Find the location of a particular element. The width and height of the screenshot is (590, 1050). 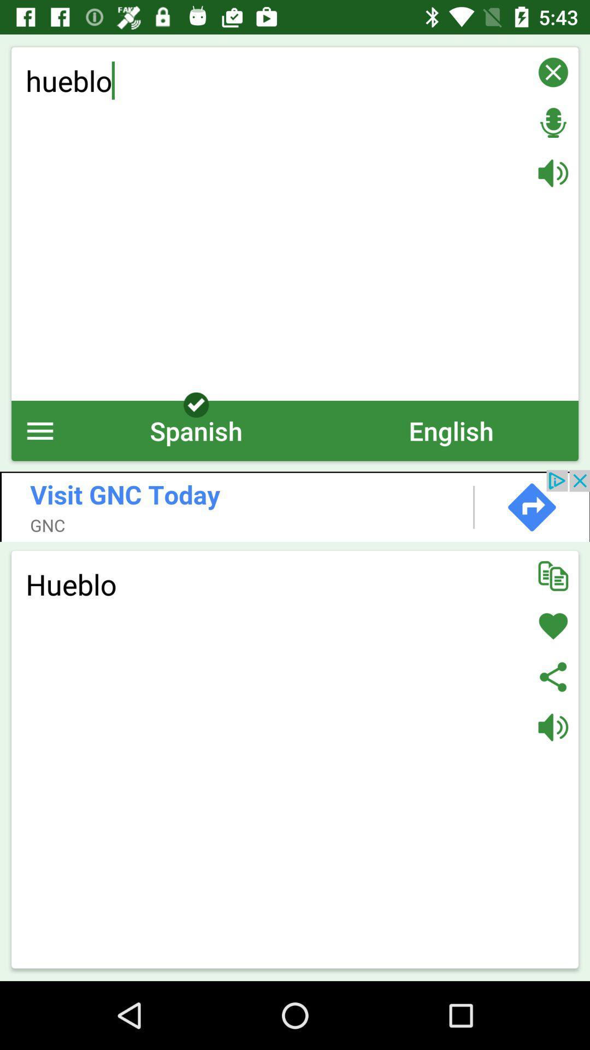

item next to the spanish icon is located at coordinates (451, 430).